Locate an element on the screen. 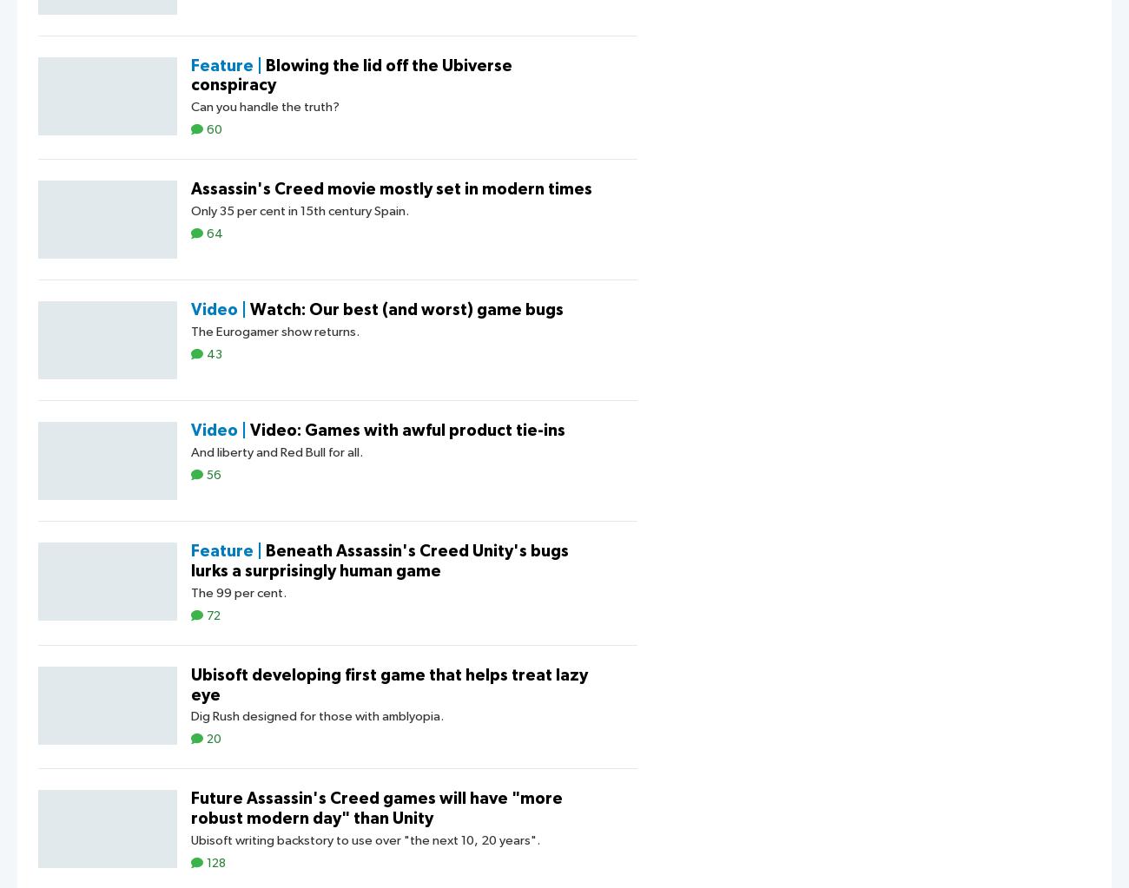 Image resolution: width=1129 pixels, height=888 pixels. 'The 99 per cent.' is located at coordinates (238, 591).